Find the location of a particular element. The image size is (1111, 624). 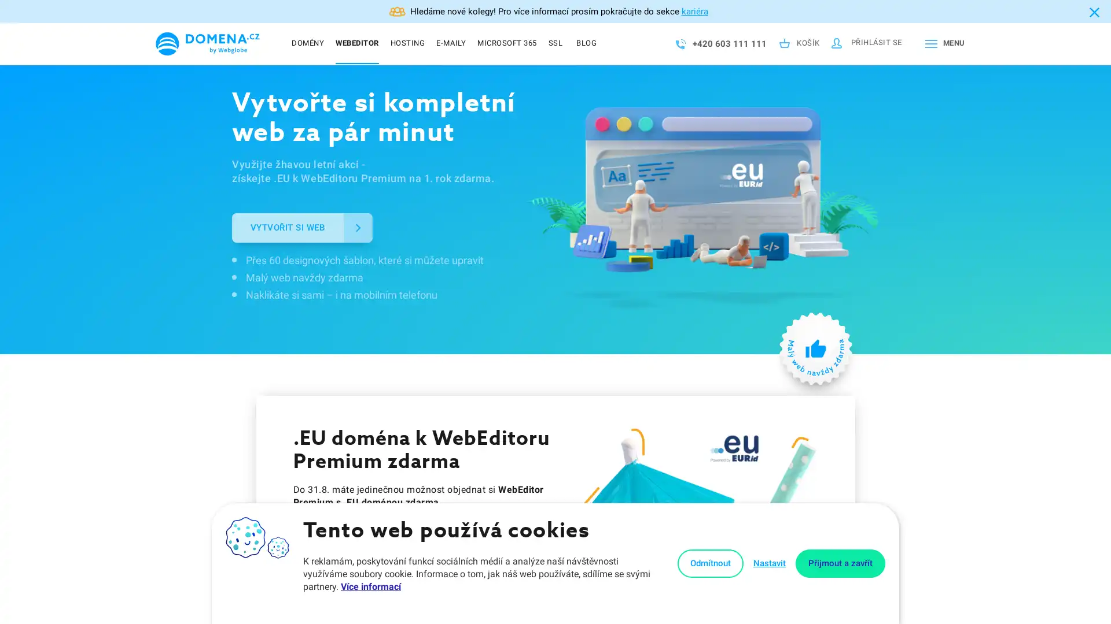

menu MENU is located at coordinates (942, 43).